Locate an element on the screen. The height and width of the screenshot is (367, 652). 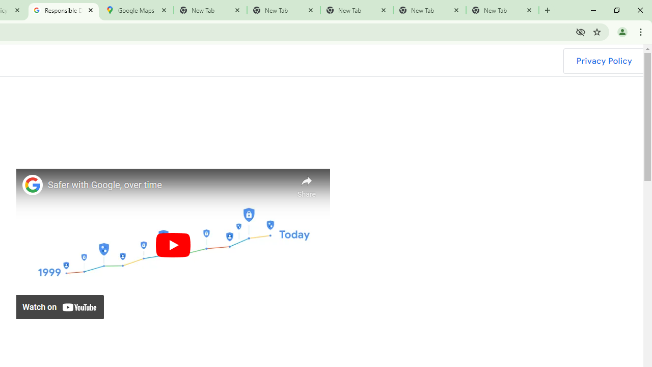
'Google Maps' is located at coordinates (136, 10).